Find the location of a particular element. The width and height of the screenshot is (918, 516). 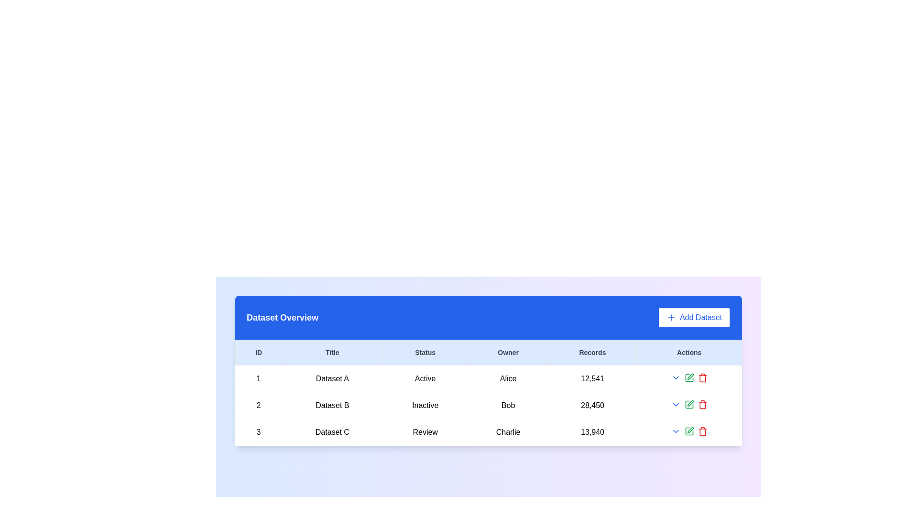

the text element displaying the data owner information in the fourth column under the 'Owner' header of the first data row in a table layout is located at coordinates (508, 378).